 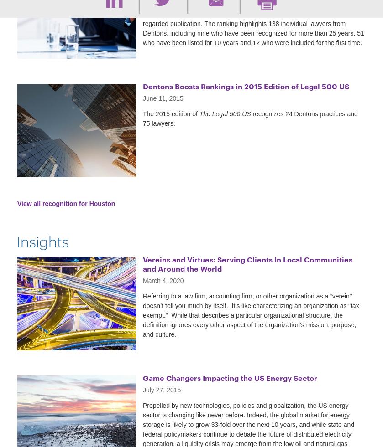 I want to click on 'The Best Lawyers in America', so click(x=243, y=8).